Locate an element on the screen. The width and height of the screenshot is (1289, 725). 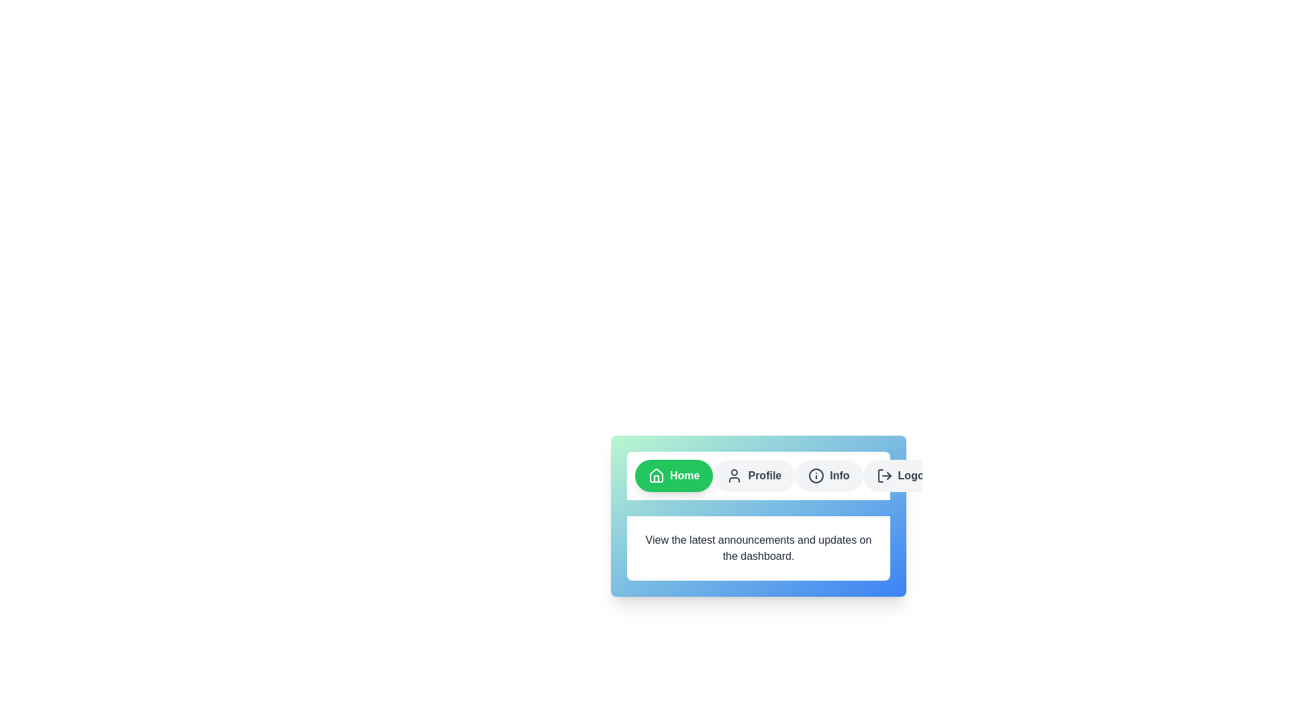
the navigation button located at the far-left of the horizontal row in the navigation bar to redirect to the homepage is located at coordinates (674, 475).